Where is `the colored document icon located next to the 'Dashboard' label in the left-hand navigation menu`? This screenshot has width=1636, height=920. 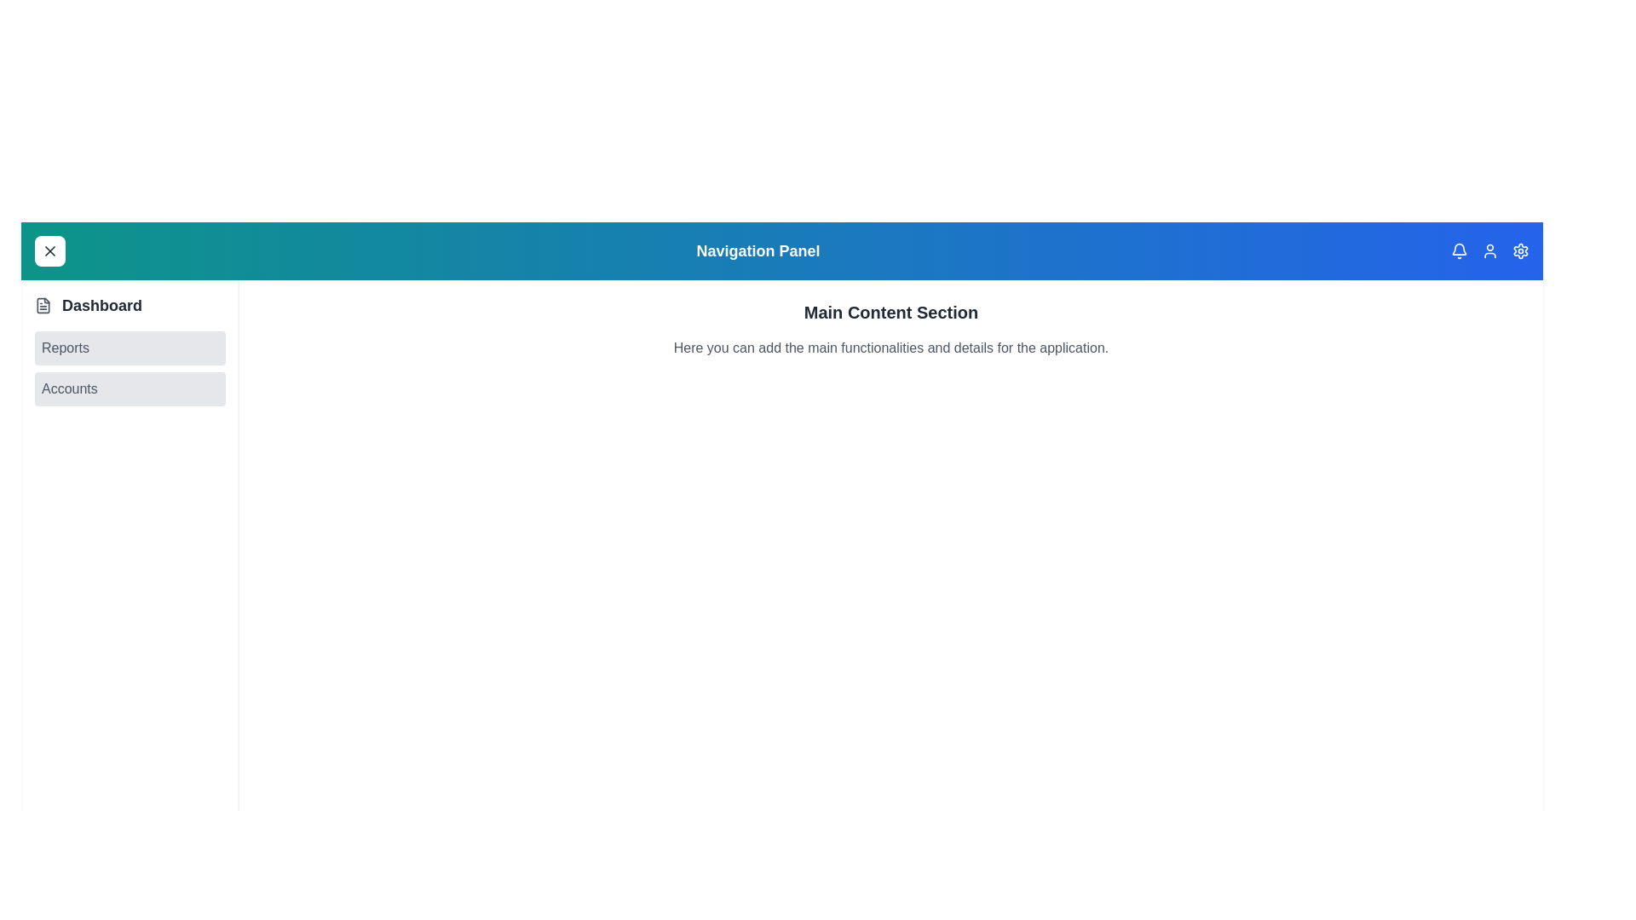 the colored document icon located next to the 'Dashboard' label in the left-hand navigation menu is located at coordinates (43, 304).